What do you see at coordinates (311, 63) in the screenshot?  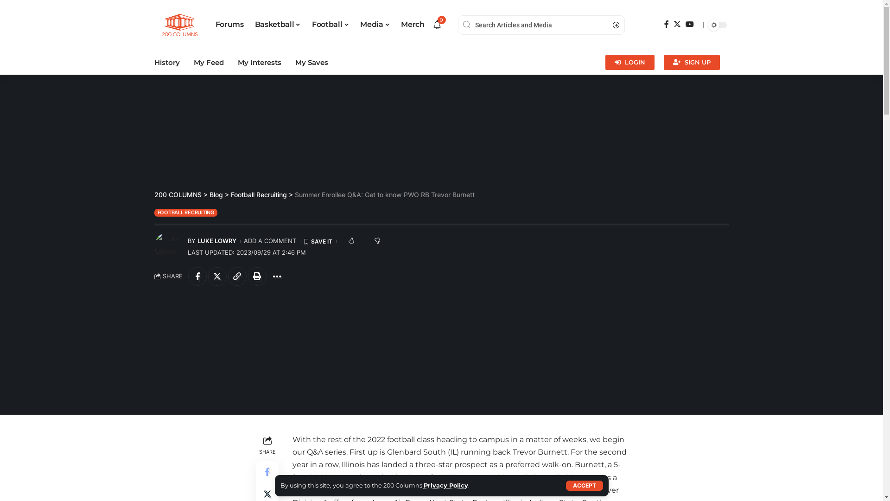 I see `'My Saves'` at bounding box center [311, 63].